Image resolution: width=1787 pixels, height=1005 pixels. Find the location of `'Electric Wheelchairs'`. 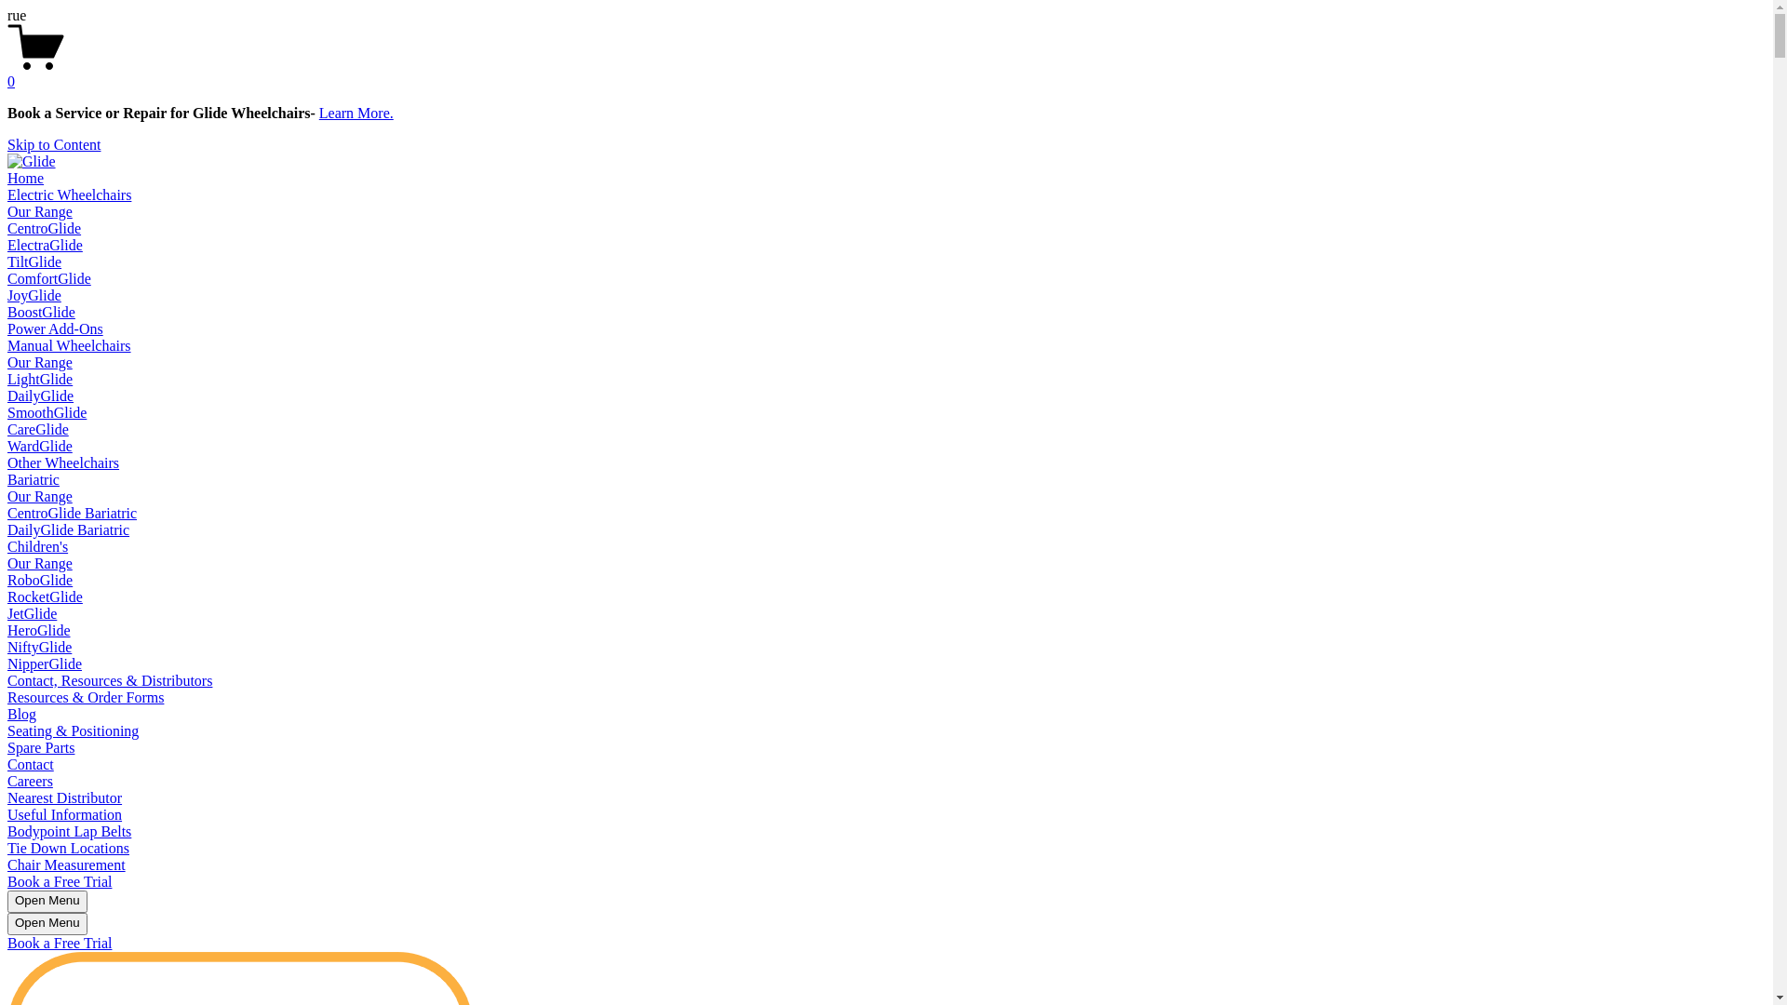

'Electric Wheelchairs' is located at coordinates (7, 194).